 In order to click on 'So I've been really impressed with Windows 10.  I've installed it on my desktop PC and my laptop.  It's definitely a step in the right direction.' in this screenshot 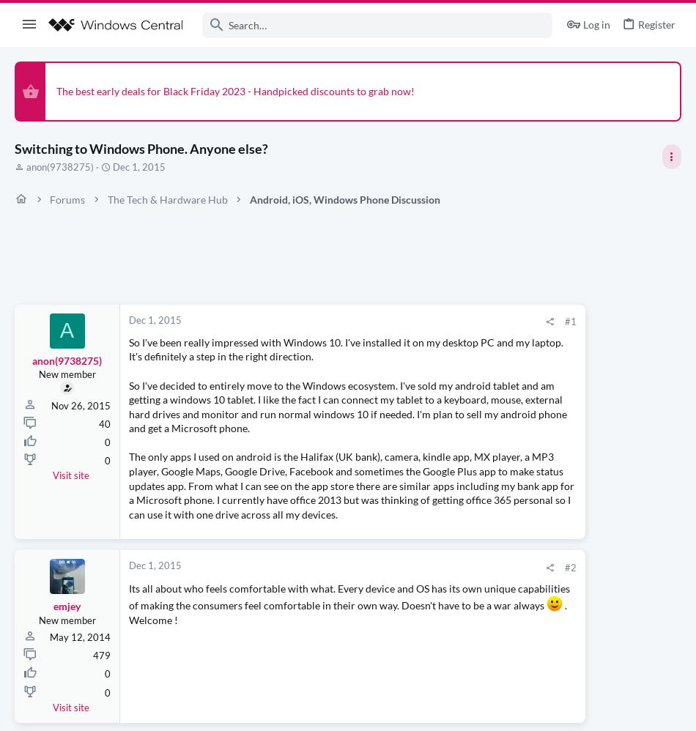, I will do `click(275, 355)`.